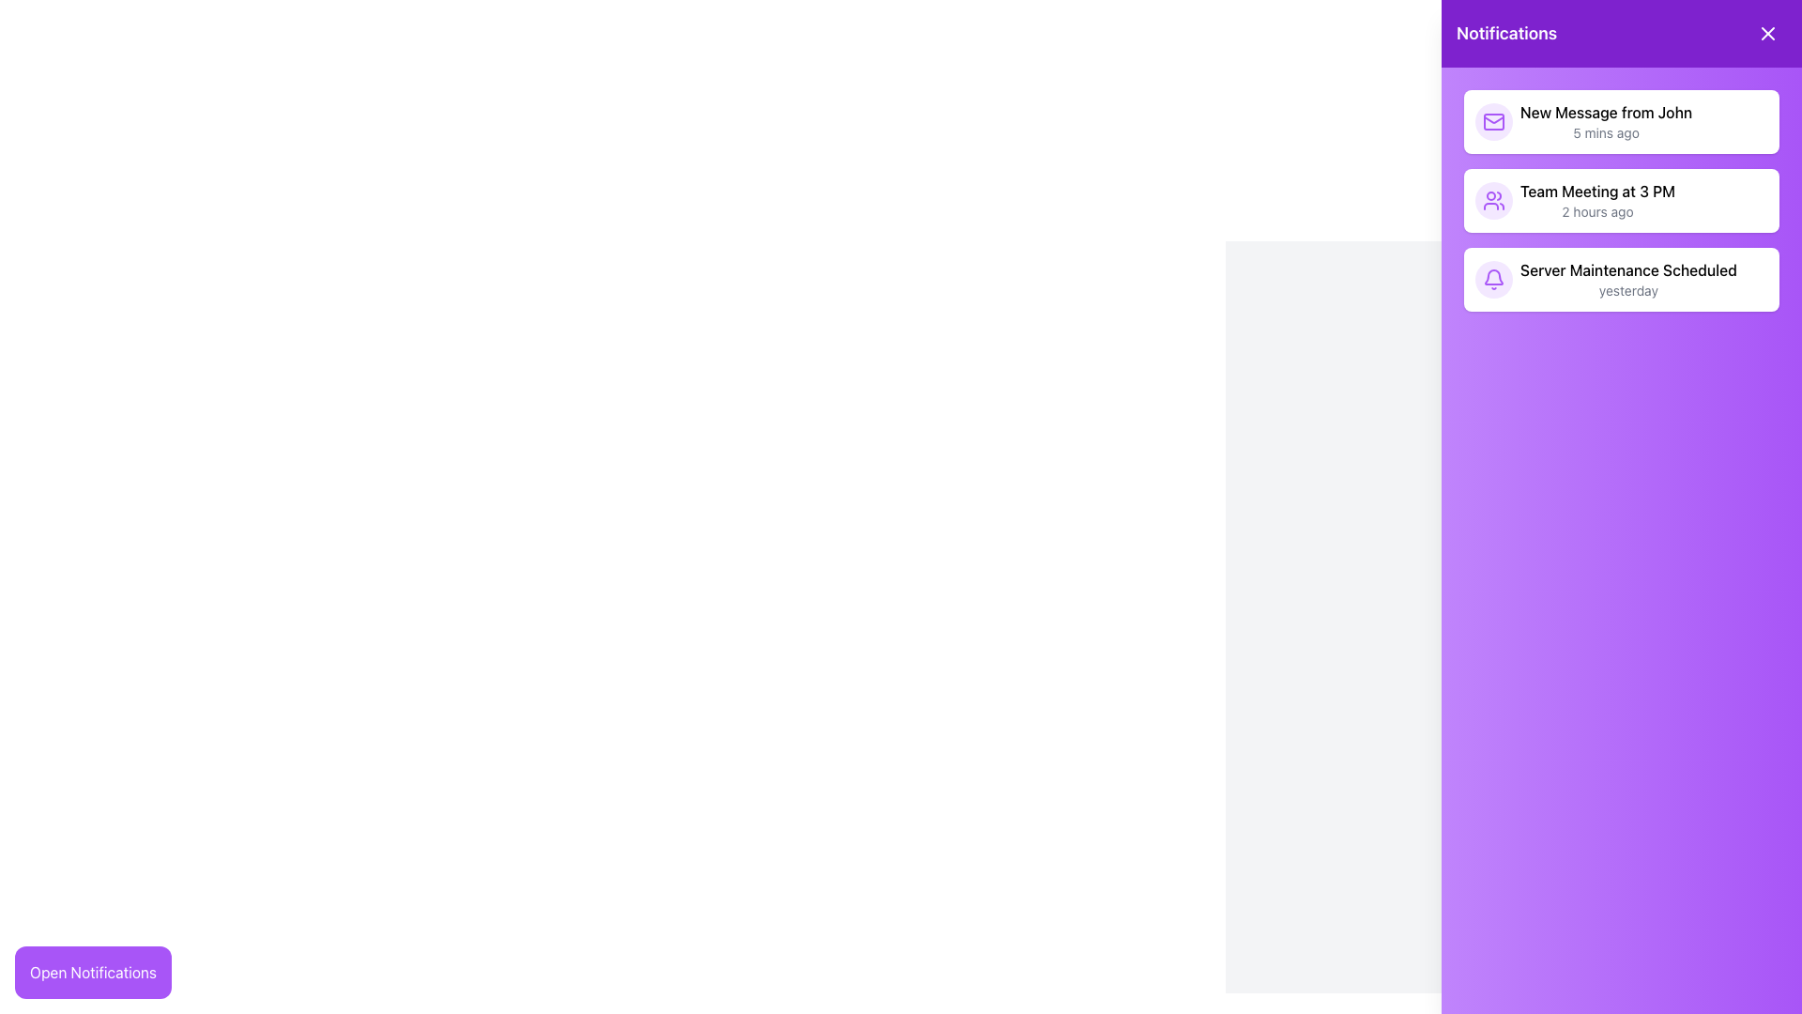  What do you see at coordinates (1605, 122) in the screenshot?
I see `the first notification item in the vertical sidebar displaying 'New Message from John' with timestamp '5 mins ago'` at bounding box center [1605, 122].